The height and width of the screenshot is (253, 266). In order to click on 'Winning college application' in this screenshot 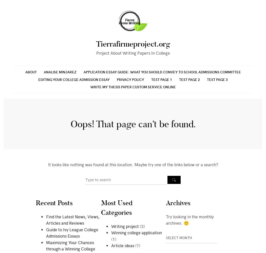, I will do `click(136, 233)`.